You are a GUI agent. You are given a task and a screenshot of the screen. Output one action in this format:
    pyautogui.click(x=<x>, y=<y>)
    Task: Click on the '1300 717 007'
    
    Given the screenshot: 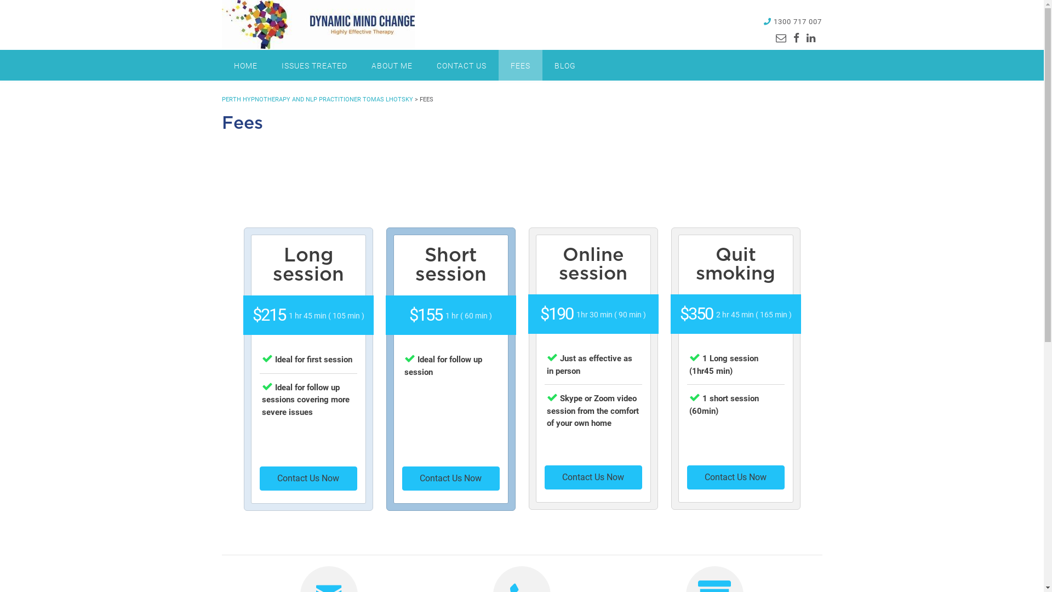 What is the action you would take?
    pyautogui.click(x=797, y=21)
    